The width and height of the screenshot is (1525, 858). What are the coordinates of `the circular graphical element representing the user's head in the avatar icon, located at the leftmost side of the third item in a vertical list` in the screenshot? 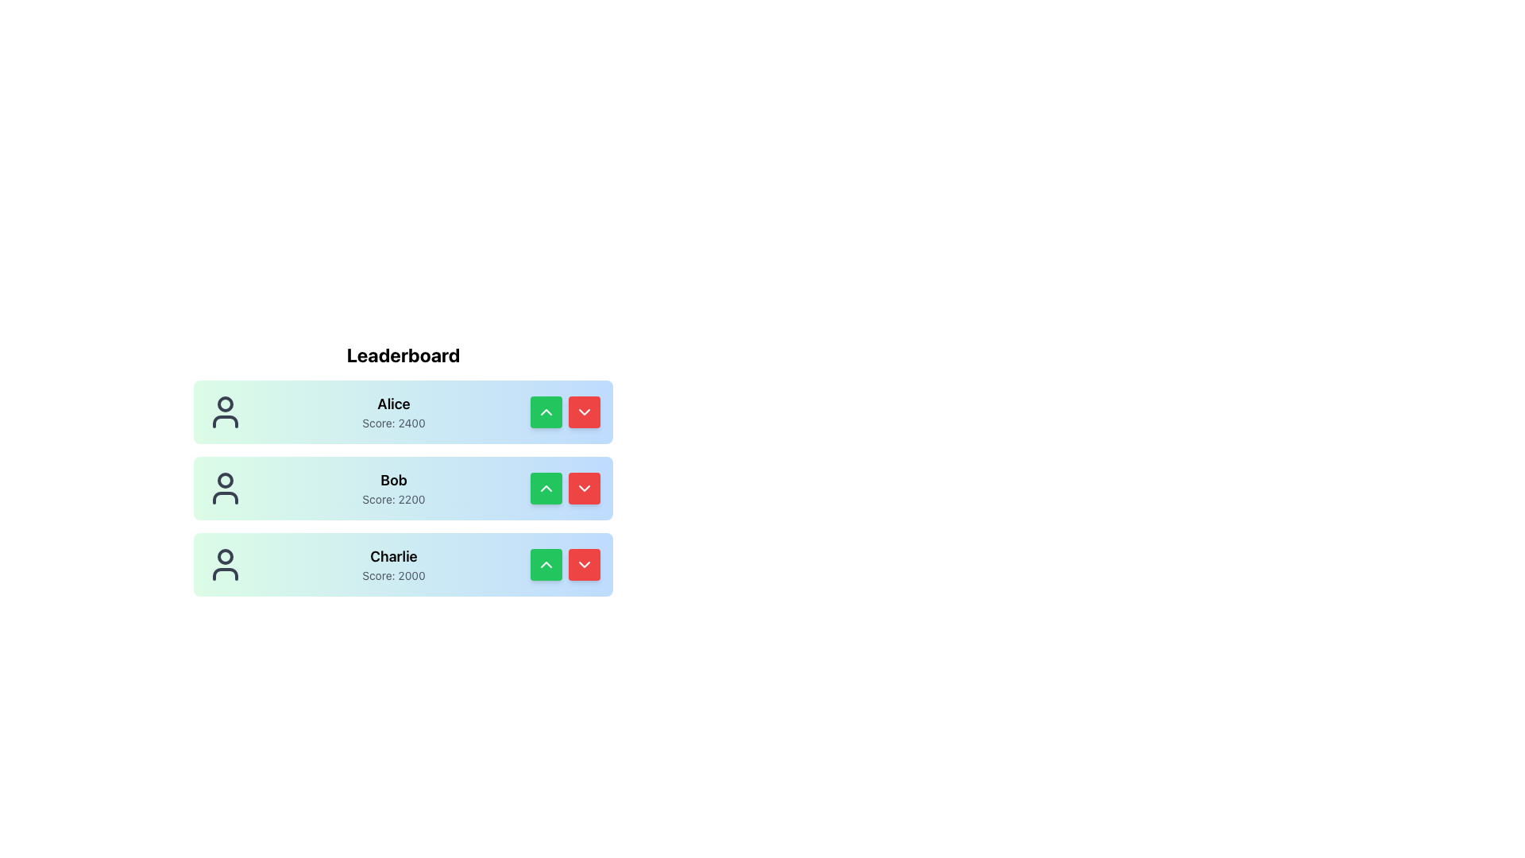 It's located at (224, 556).